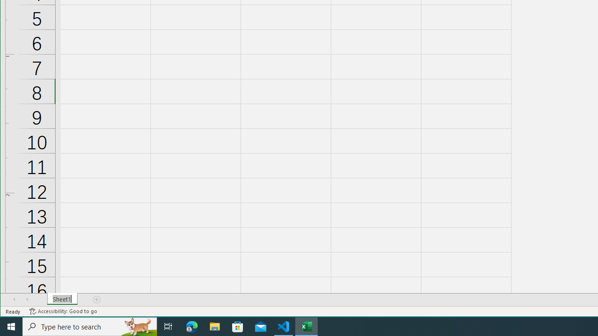  What do you see at coordinates (62, 299) in the screenshot?
I see `'Sheet1'` at bounding box center [62, 299].